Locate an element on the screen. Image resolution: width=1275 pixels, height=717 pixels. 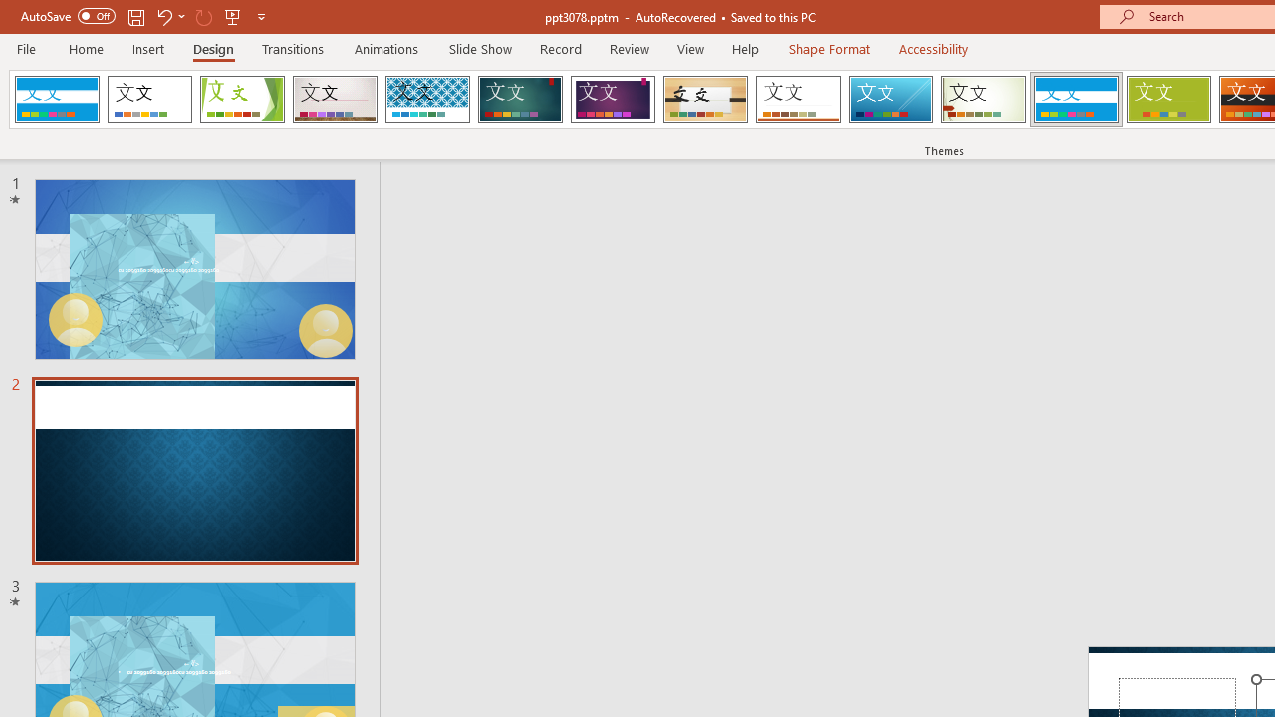
'Dividend' is located at coordinates (57, 100).